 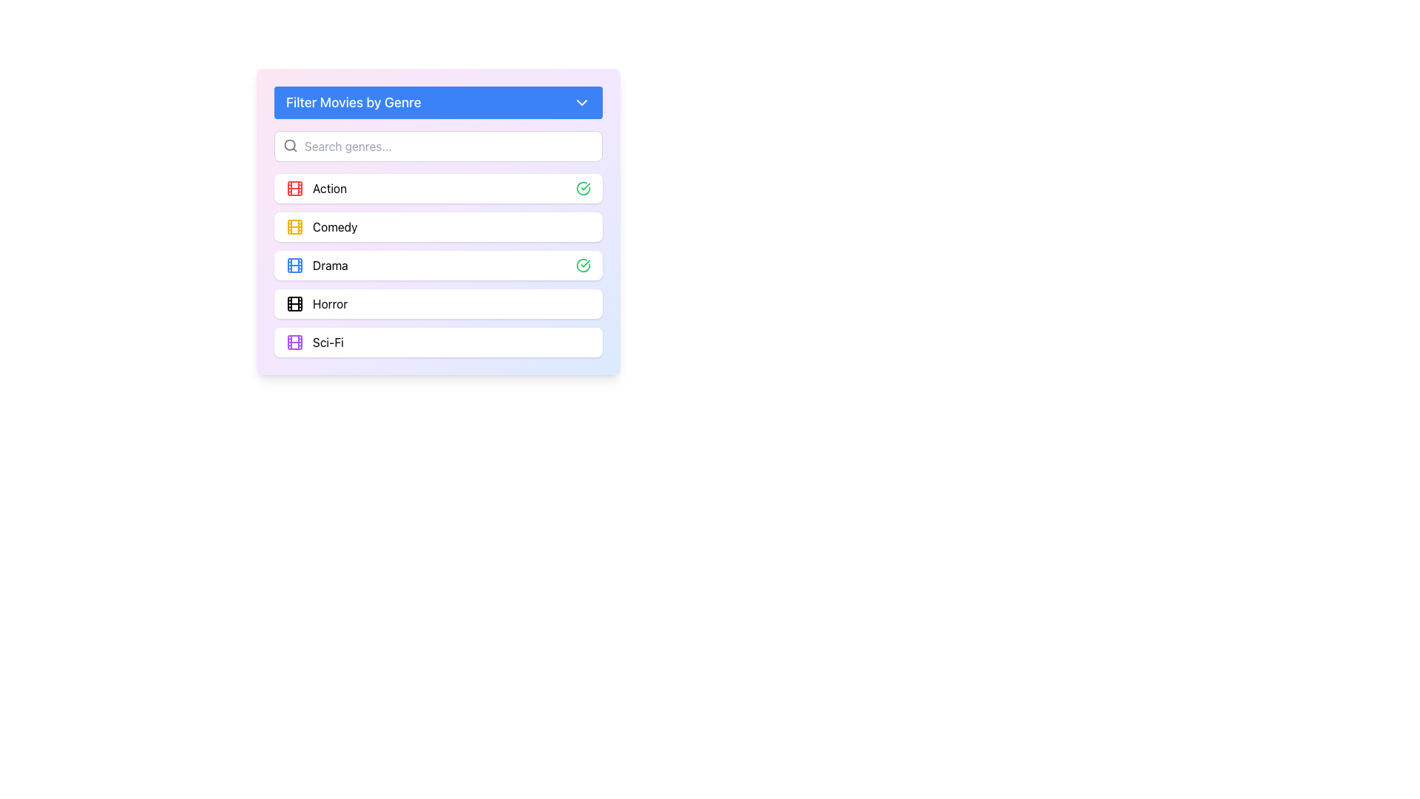 I want to click on the decorative rectangle that represents the film reel in the 'Action' genre section of the SVG icon, so click(x=294, y=187).